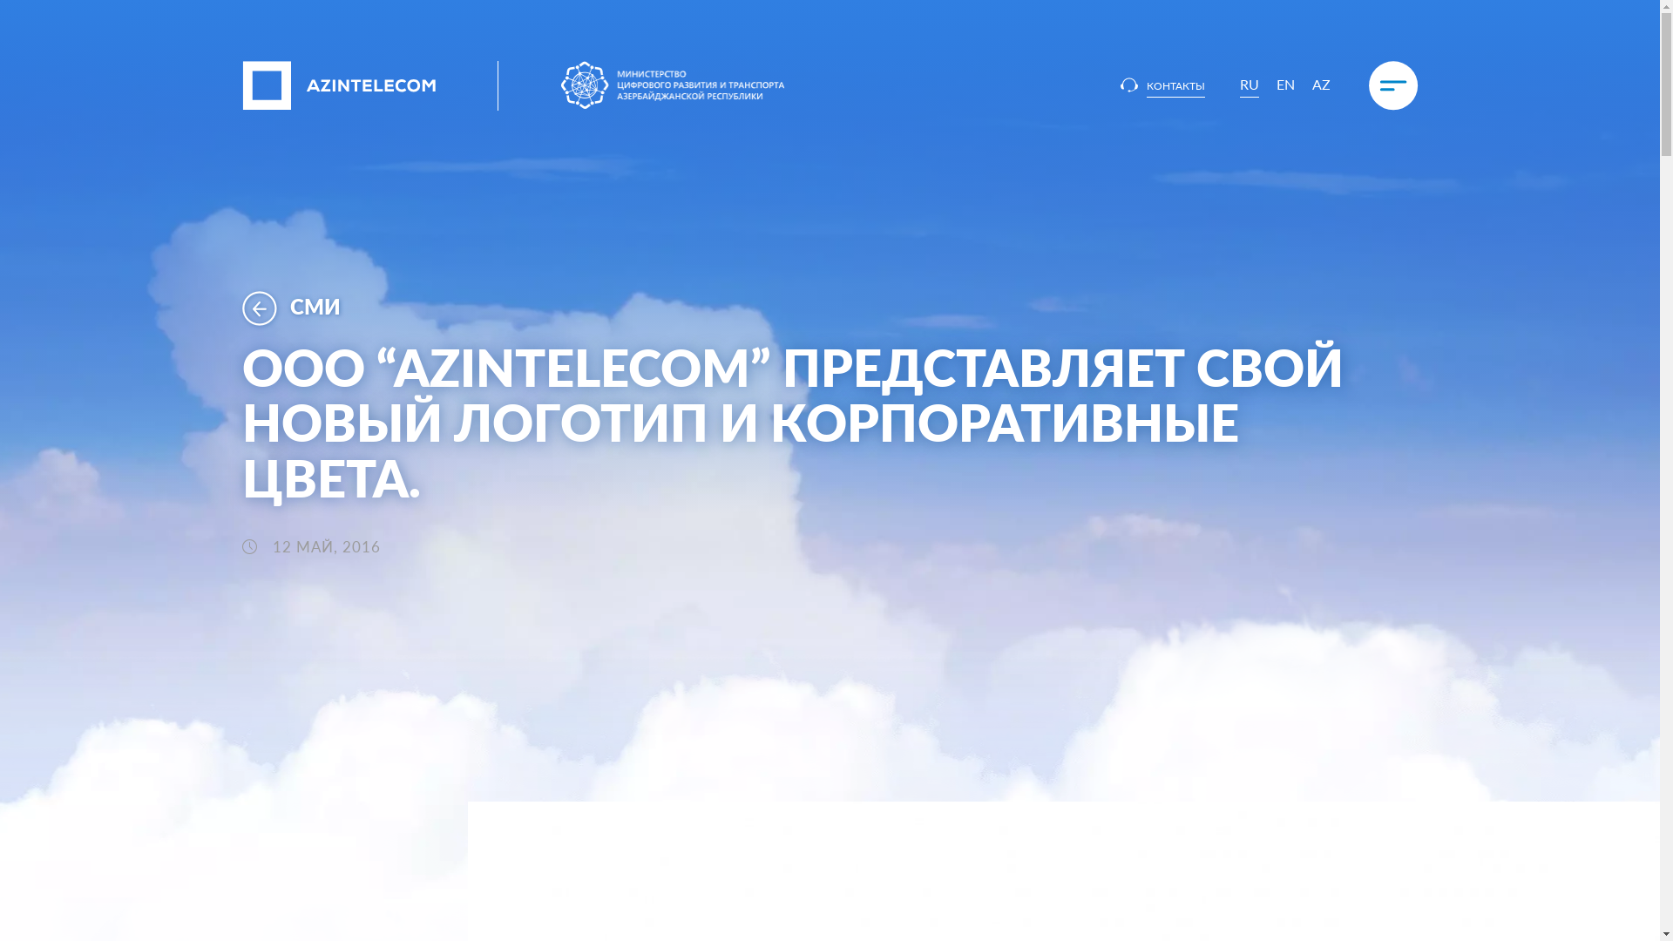 The image size is (1673, 941). I want to click on 'RU', so click(1248, 86).